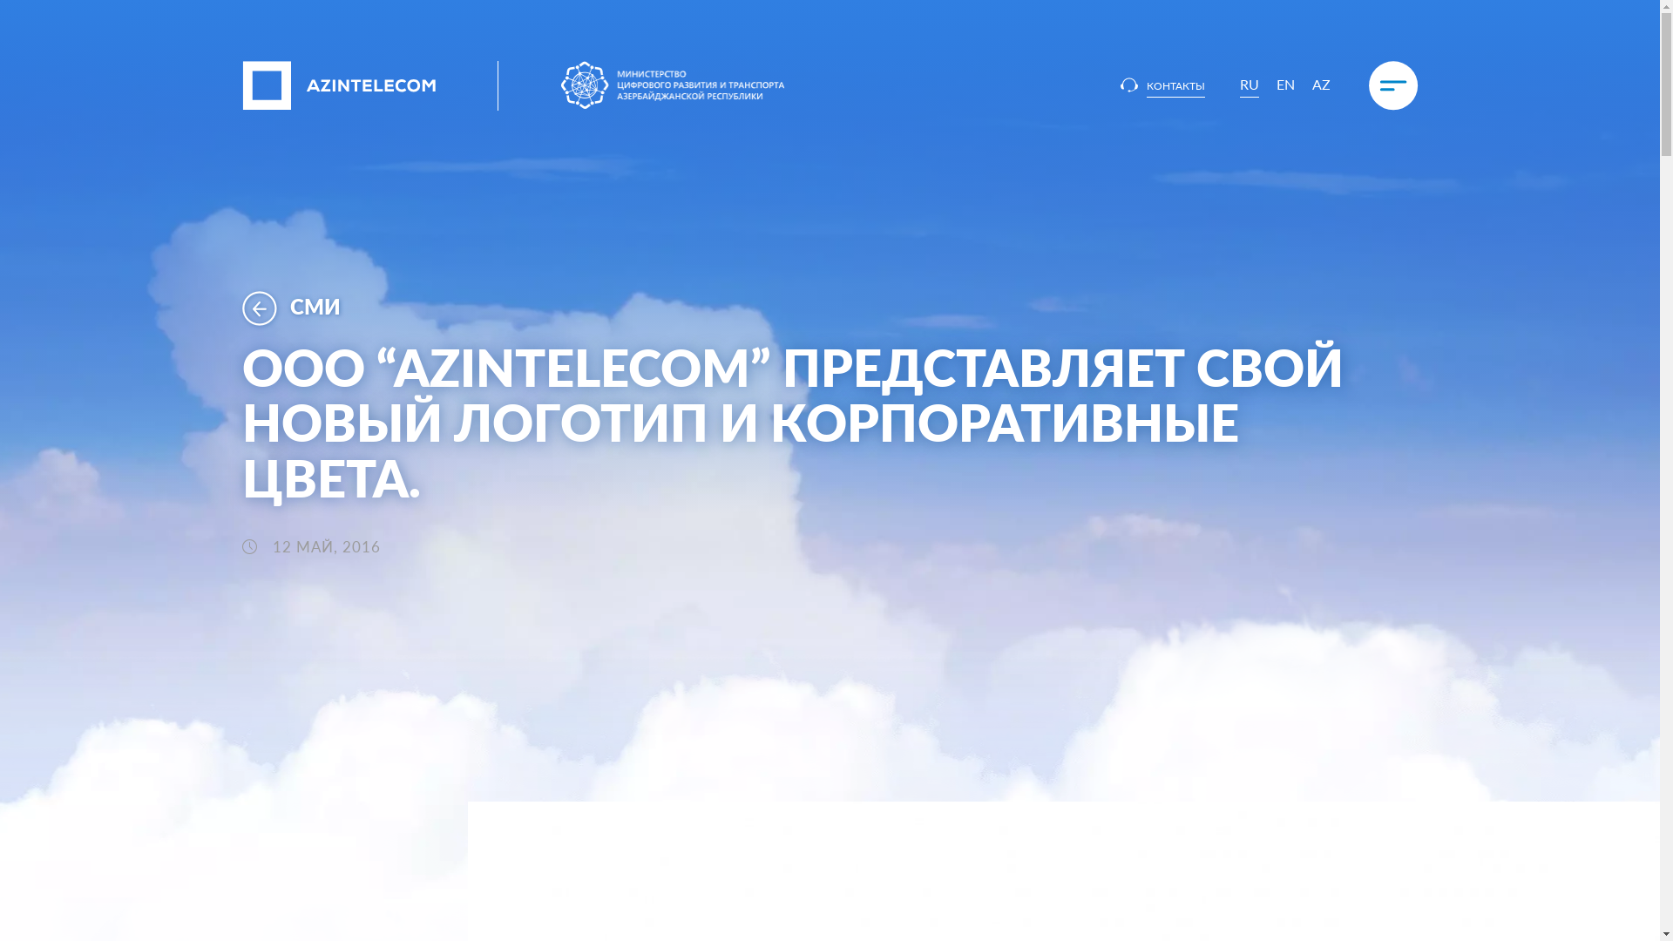 The image size is (1673, 941). I want to click on 'RU', so click(1248, 86).